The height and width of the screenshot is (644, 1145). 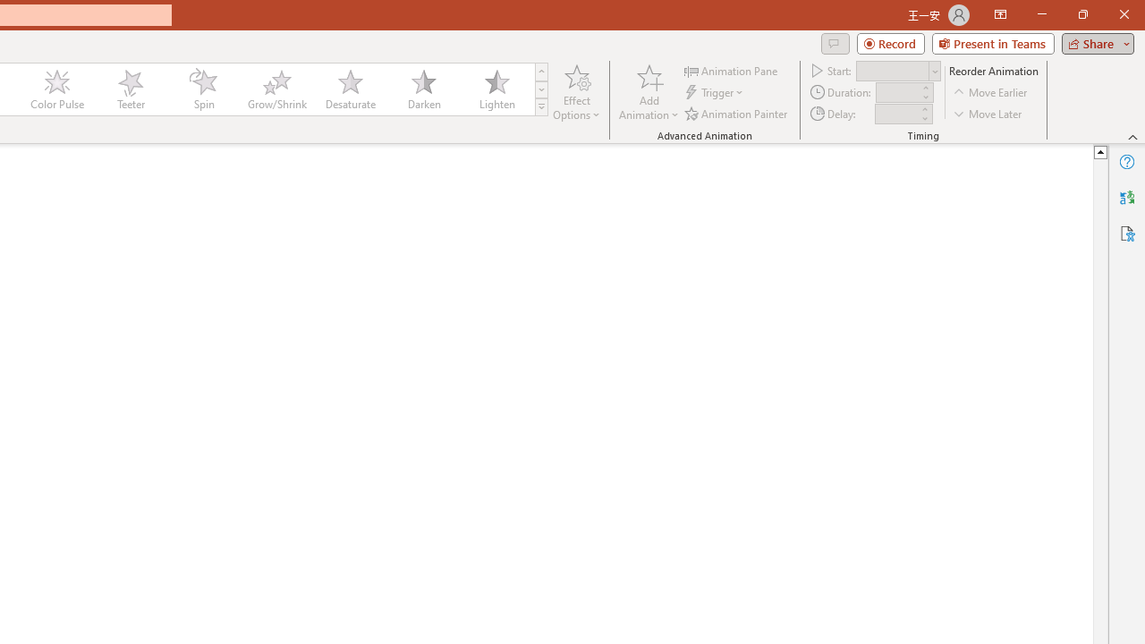 I want to click on 'More', so click(x=924, y=108).